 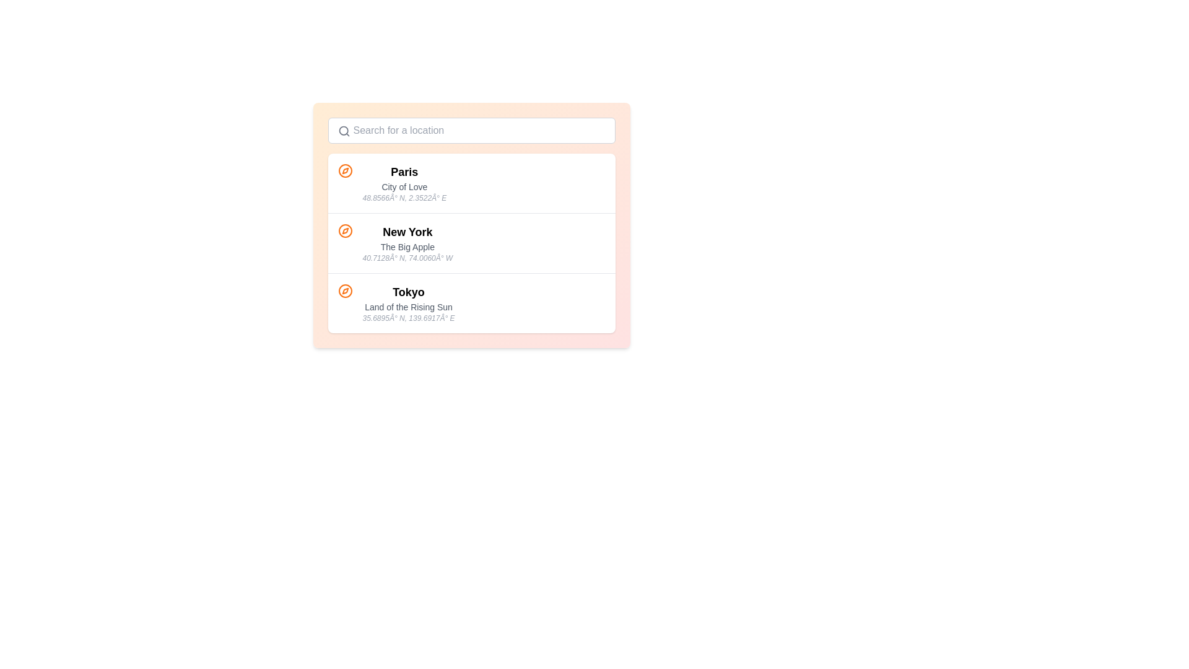 I want to click on the text display module that shows 'New York', which includes the bold line 'New York', the smaller gray line 'The Big Apple', and the very small italicized line '40.7128° N, 74.0060° W', so click(x=407, y=243).